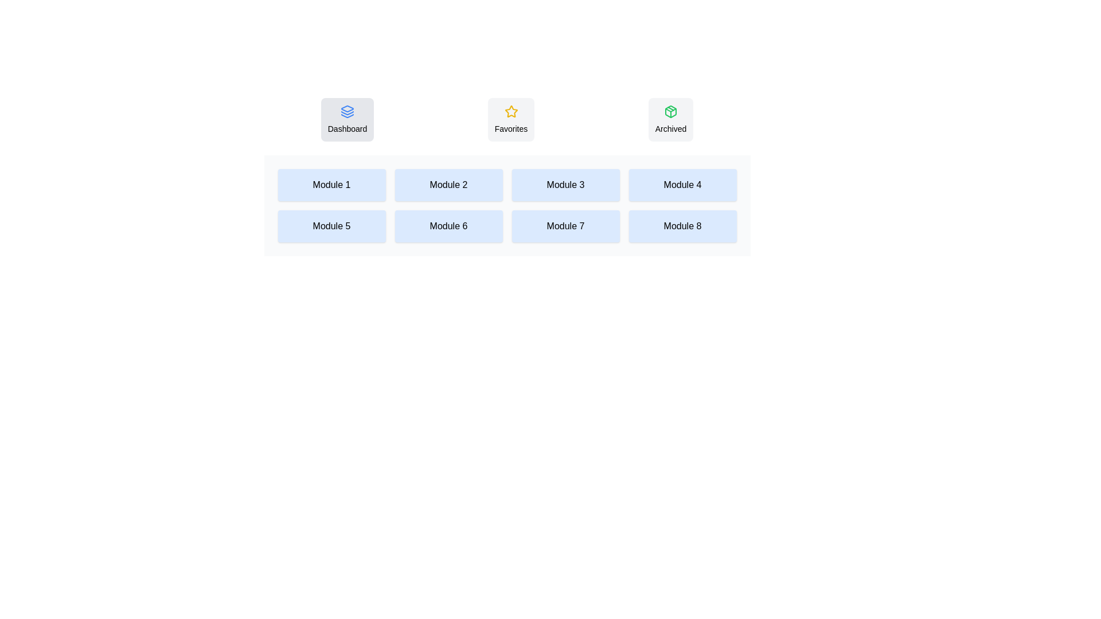 This screenshot has height=619, width=1101. I want to click on the Favorites tab by clicking its button, so click(510, 119).